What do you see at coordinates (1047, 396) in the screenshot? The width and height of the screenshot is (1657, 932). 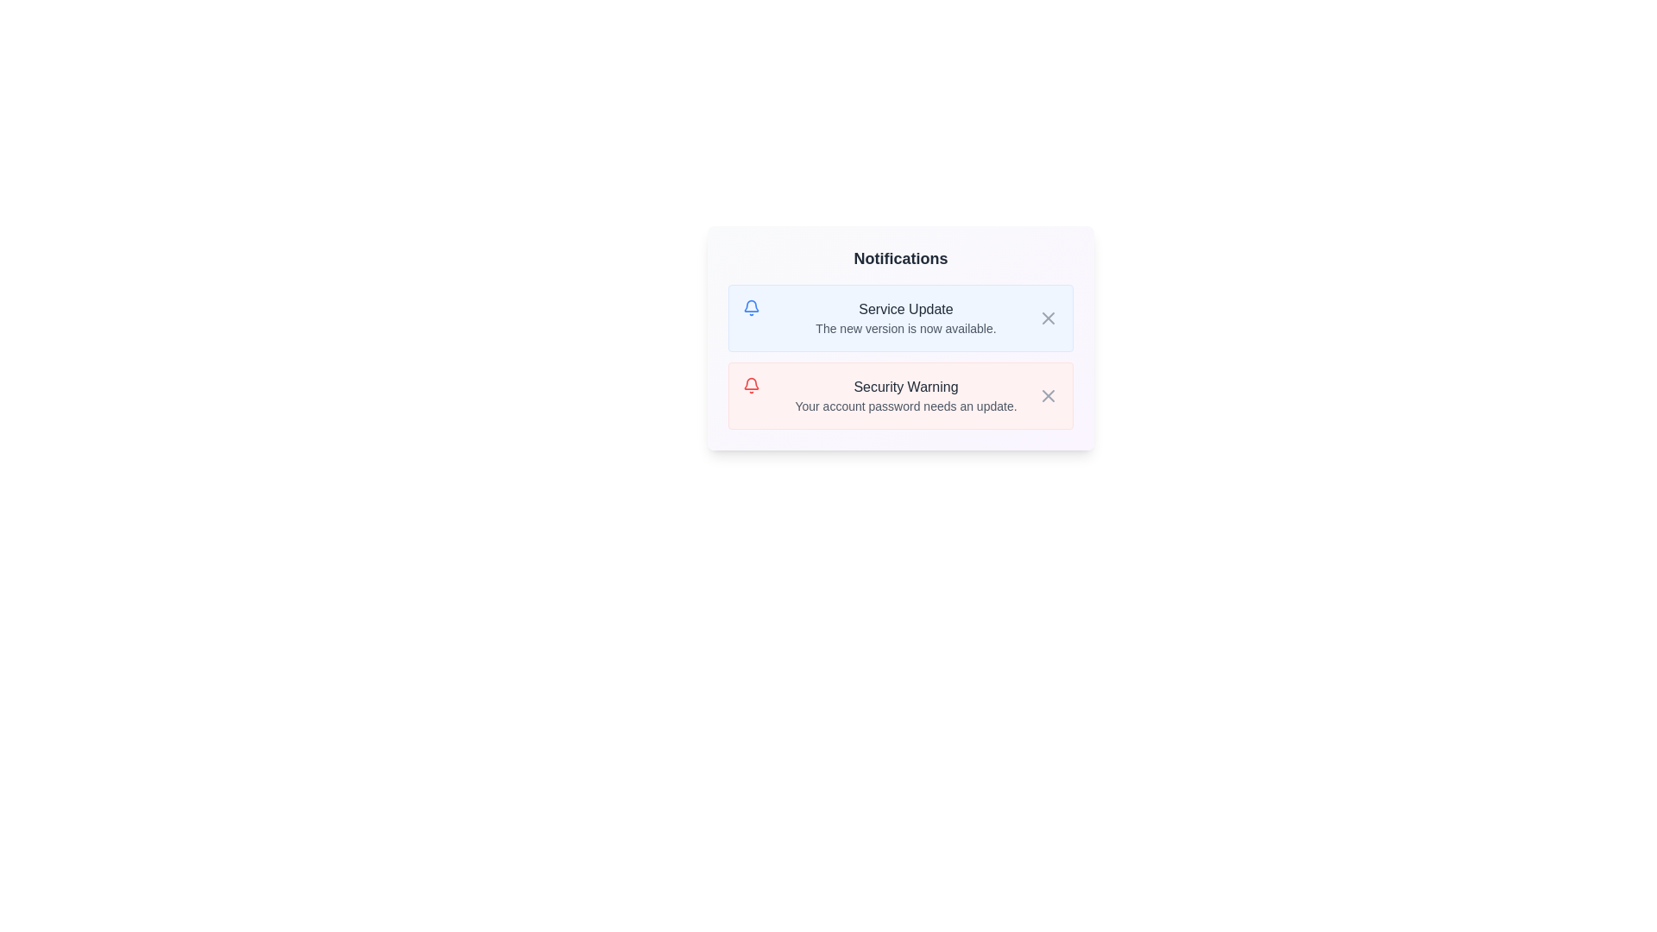 I see `the icon button located to the right of the 'Security Warning' text` at bounding box center [1047, 396].